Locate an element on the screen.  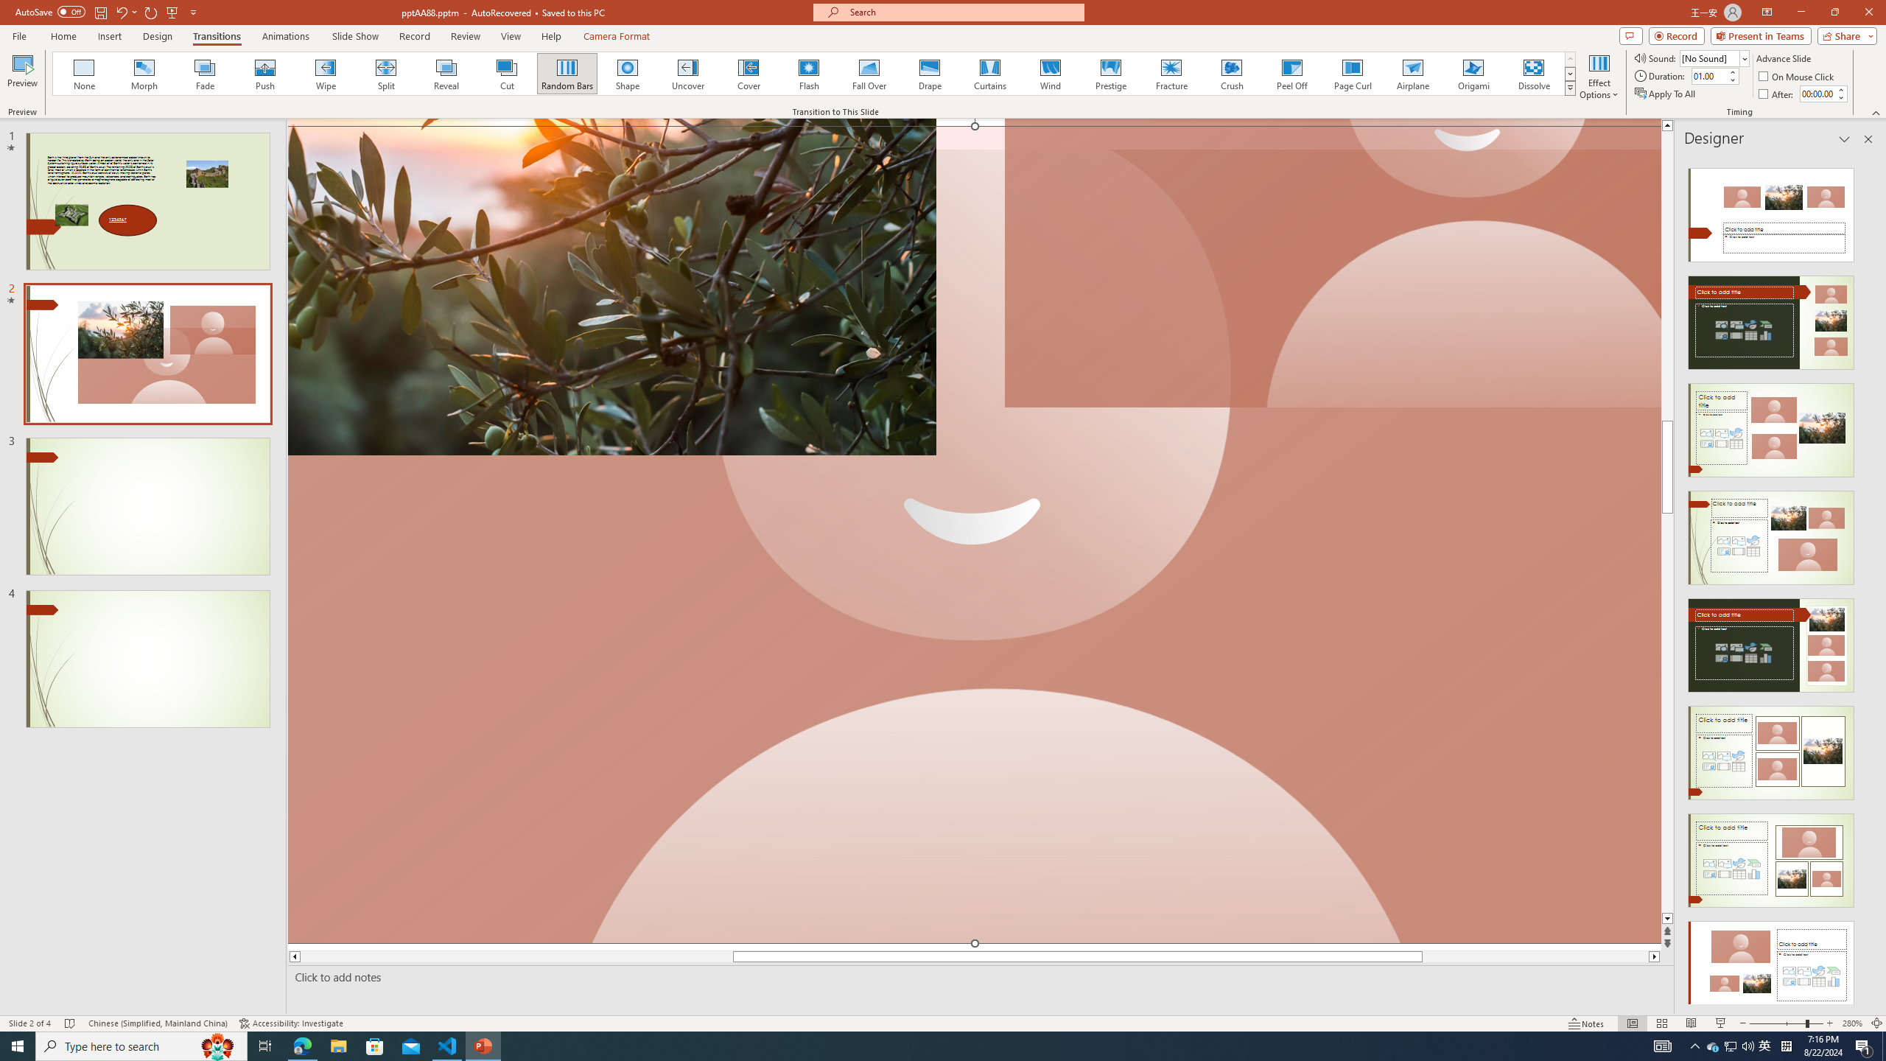
'Effect Options' is located at coordinates (1598, 76).